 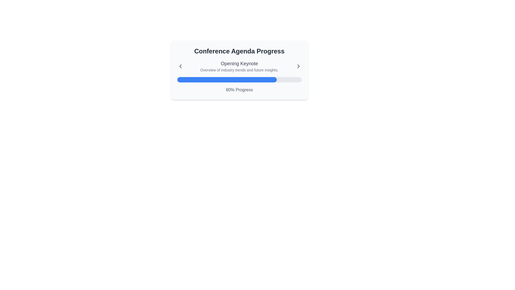 I want to click on information from the Information Panel titled 'Conference Agenda Progress' which includes the subtitle 'Opening Keynote' and the progress status of '80% Progress', so click(x=239, y=70).